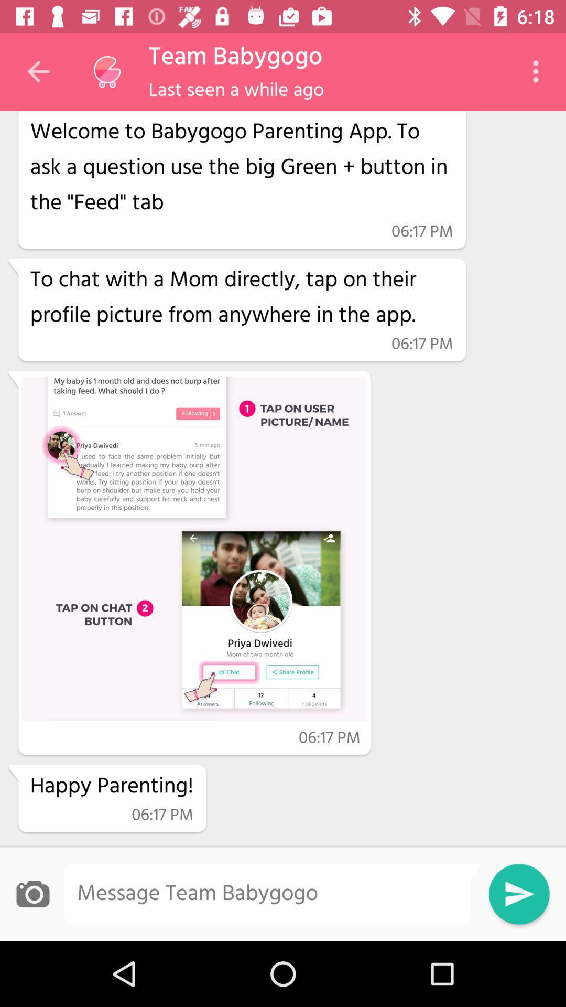  What do you see at coordinates (271, 893) in the screenshot?
I see `message` at bounding box center [271, 893].